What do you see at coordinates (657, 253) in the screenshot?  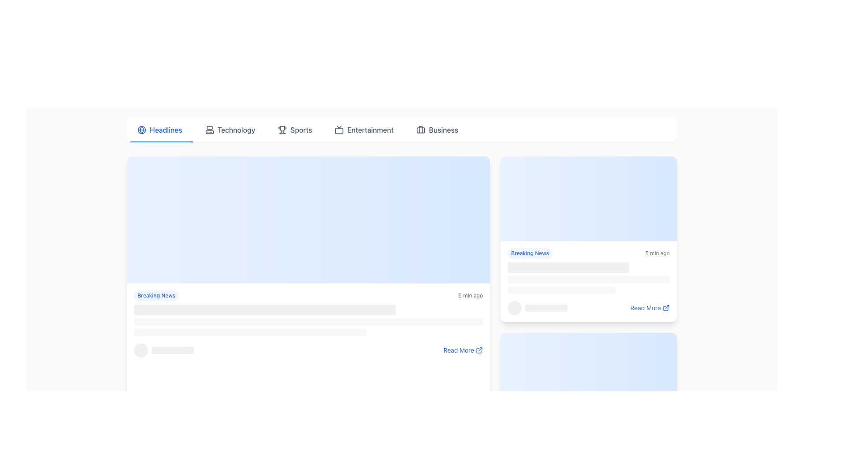 I see `the timestamp text label located on the right side of the 'Breaking News' component in the third column of the page` at bounding box center [657, 253].